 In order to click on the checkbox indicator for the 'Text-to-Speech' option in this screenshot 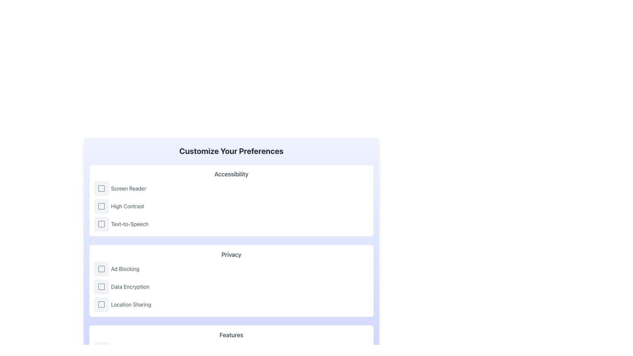, I will do `click(101, 223)`.